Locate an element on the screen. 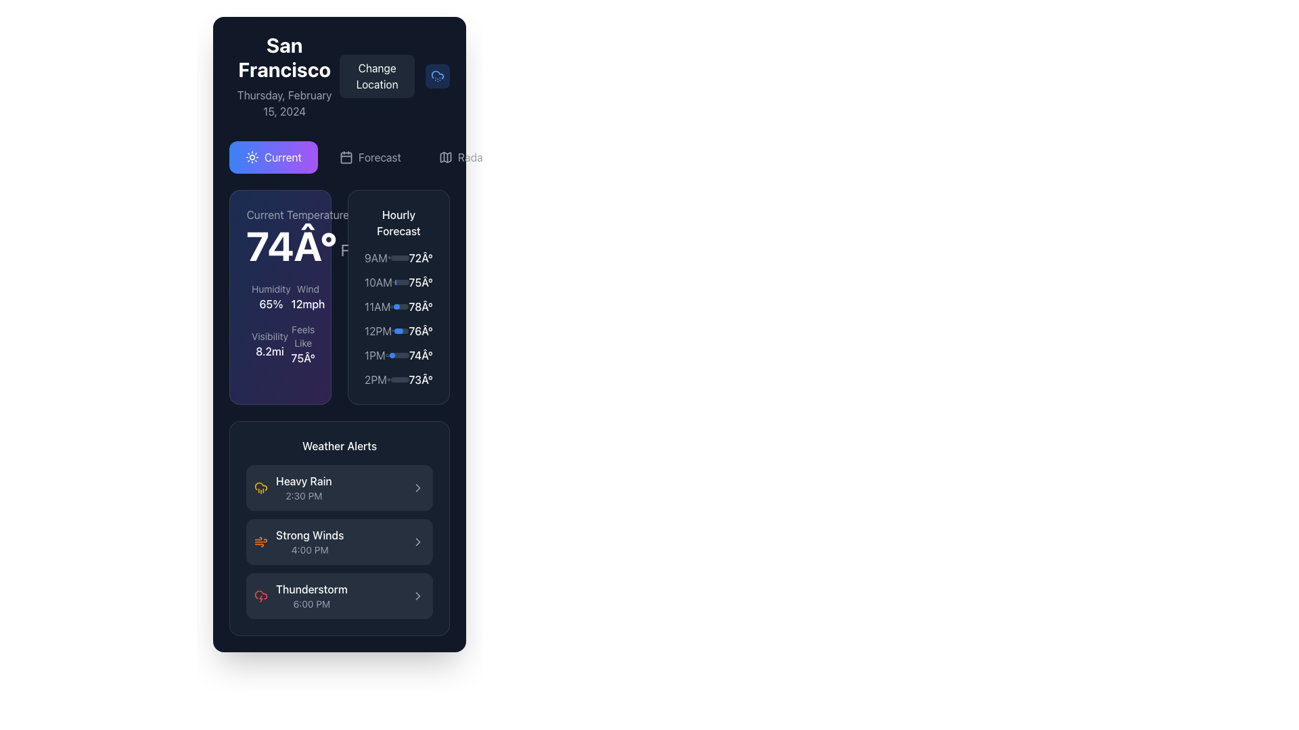  the temperature '76Â°' in the fourth row of the 'Hourly Forecast' section is located at coordinates (398, 331).